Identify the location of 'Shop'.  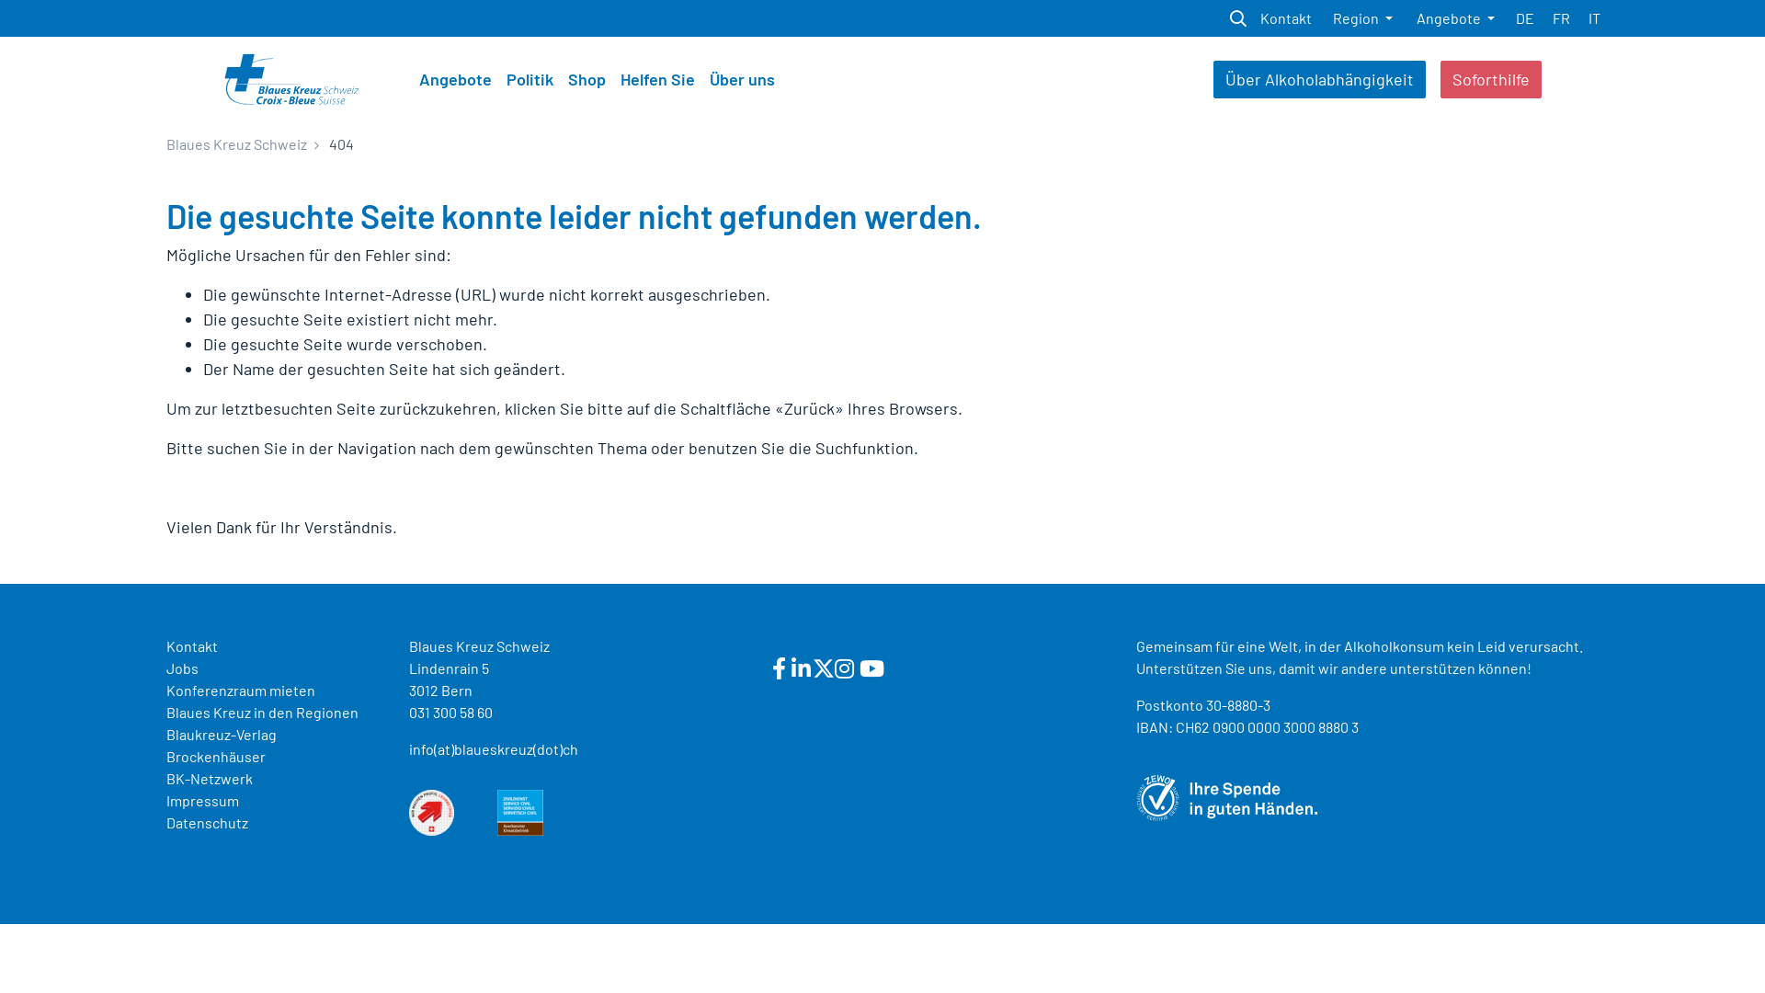
(586, 78).